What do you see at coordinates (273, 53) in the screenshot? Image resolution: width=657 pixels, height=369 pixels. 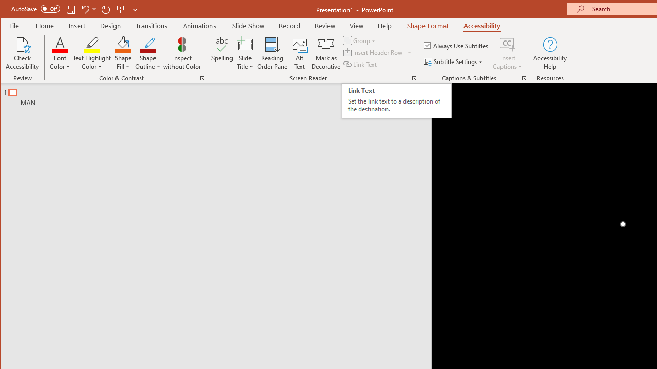 I see `'Reading Order Pane'` at bounding box center [273, 53].